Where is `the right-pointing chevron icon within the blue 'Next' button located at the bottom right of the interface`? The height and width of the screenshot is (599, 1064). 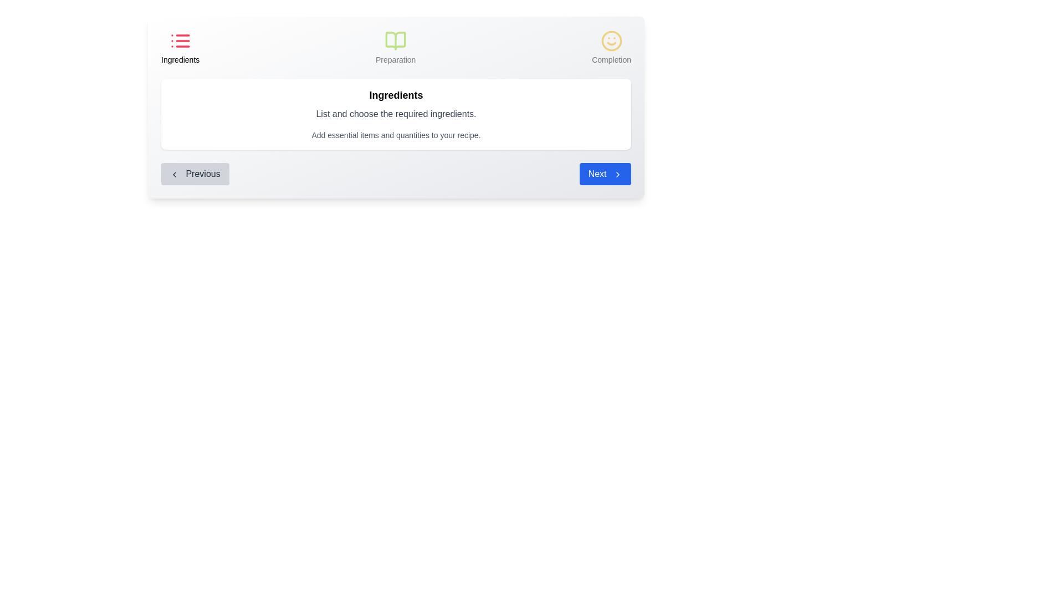
the right-pointing chevron icon within the blue 'Next' button located at the bottom right of the interface is located at coordinates (617, 174).